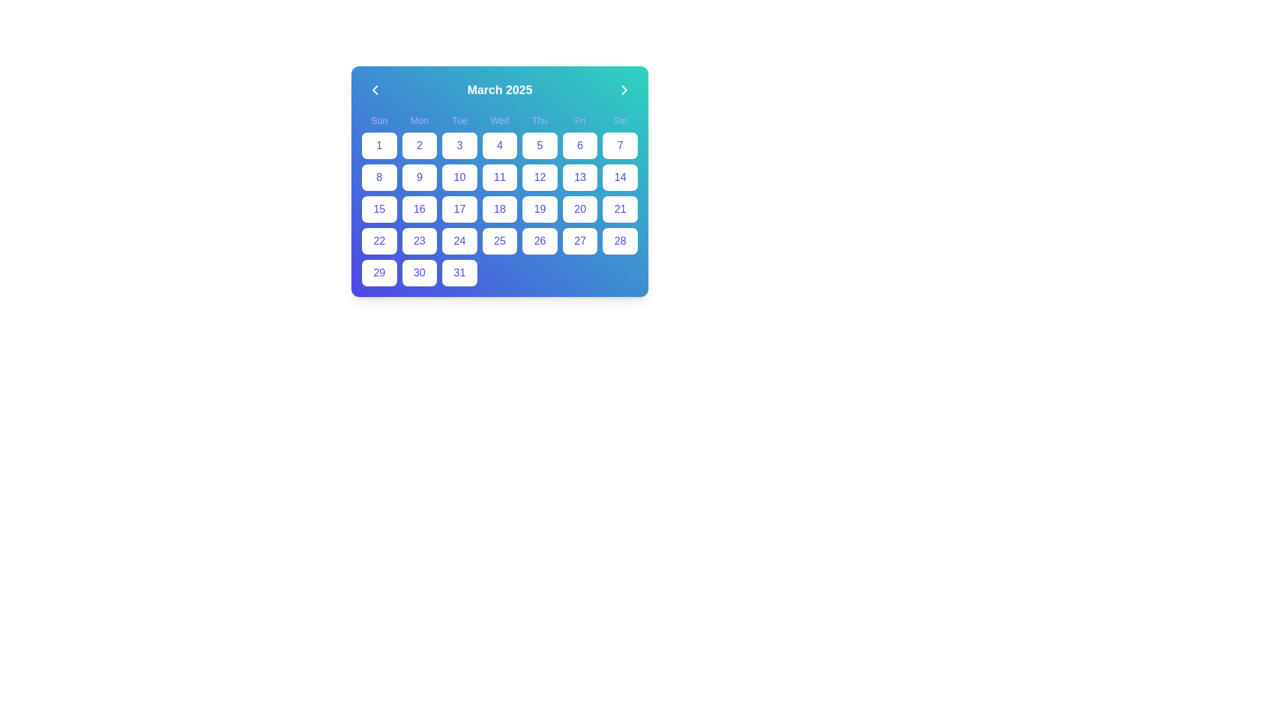 This screenshot has height=716, width=1273. What do you see at coordinates (619, 176) in the screenshot?
I see `the square-shaped button with a rounded border, white background, and blue text '14'` at bounding box center [619, 176].